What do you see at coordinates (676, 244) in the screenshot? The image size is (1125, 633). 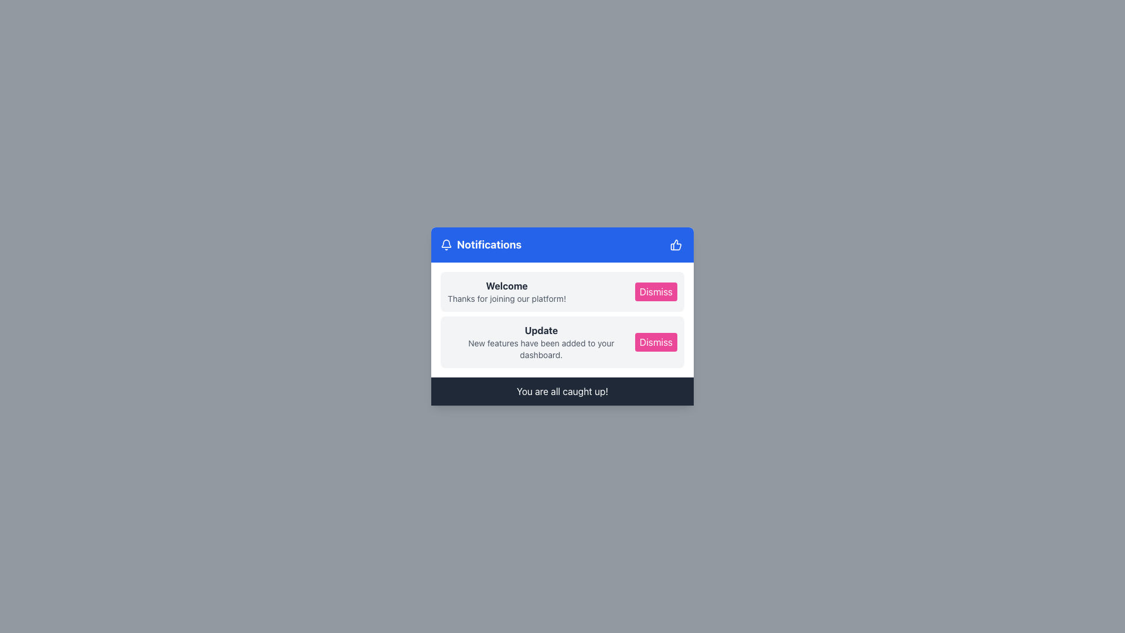 I see `the small blue button with a white thumbs-up icon located at the top-right corner of the 'Notifications' title bar` at bounding box center [676, 244].